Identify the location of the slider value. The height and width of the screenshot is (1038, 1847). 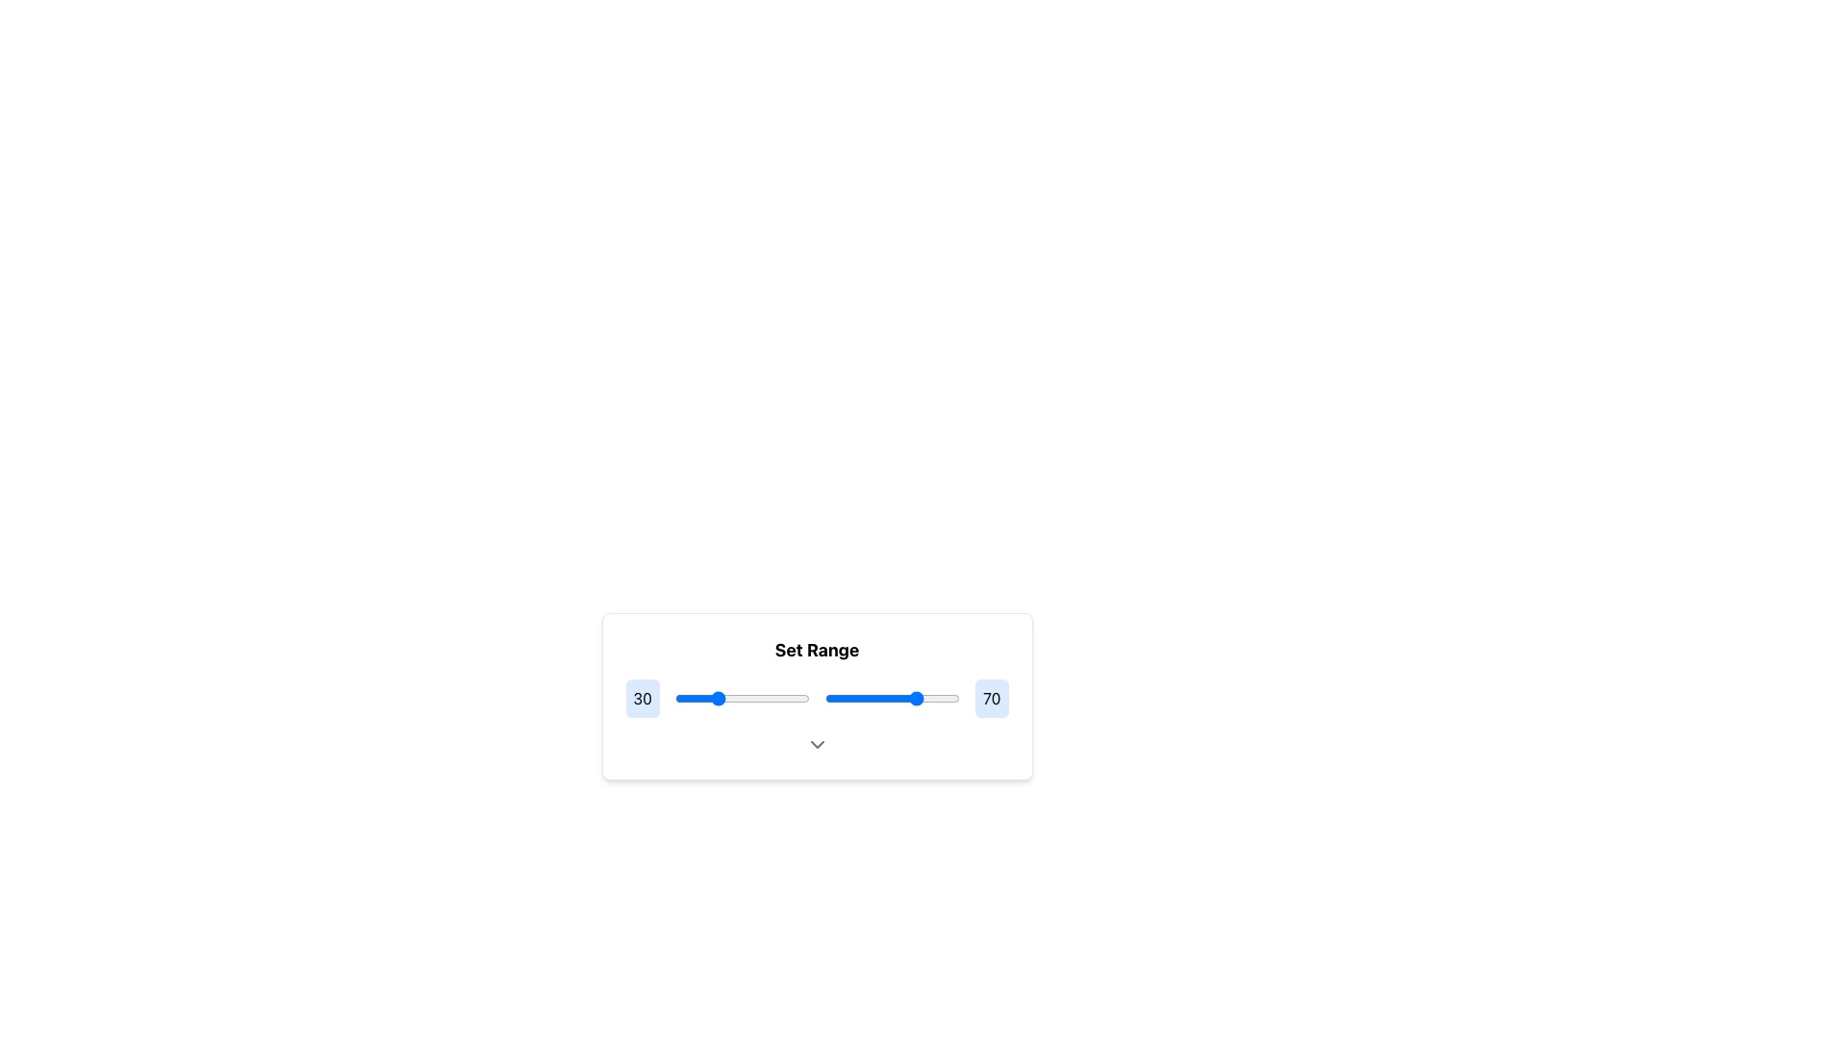
(923, 698).